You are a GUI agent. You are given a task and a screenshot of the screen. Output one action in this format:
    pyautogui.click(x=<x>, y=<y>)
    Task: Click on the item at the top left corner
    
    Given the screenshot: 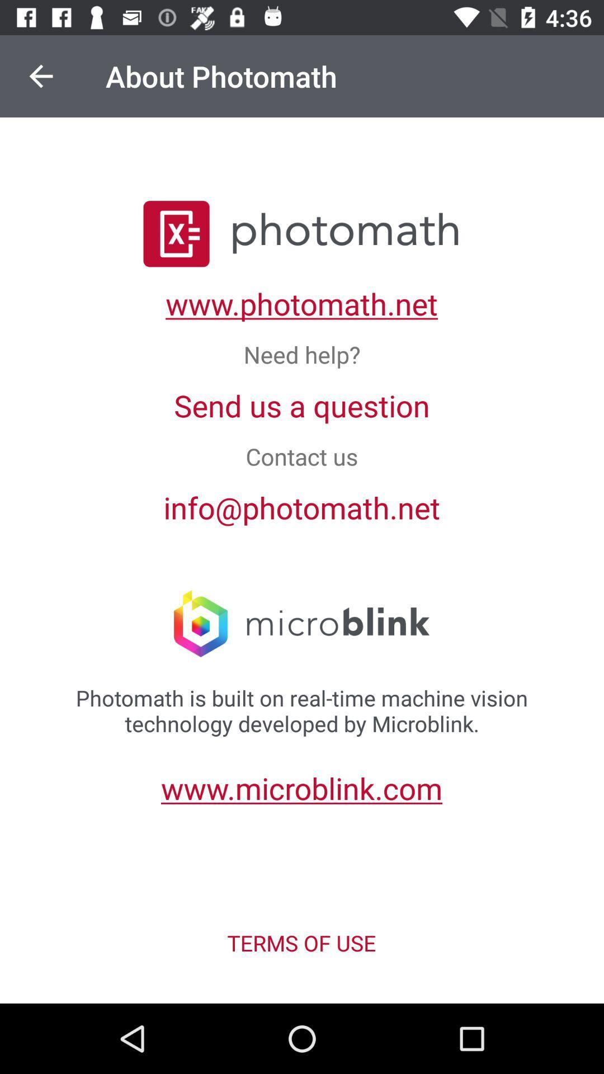 What is the action you would take?
    pyautogui.click(x=40, y=76)
    